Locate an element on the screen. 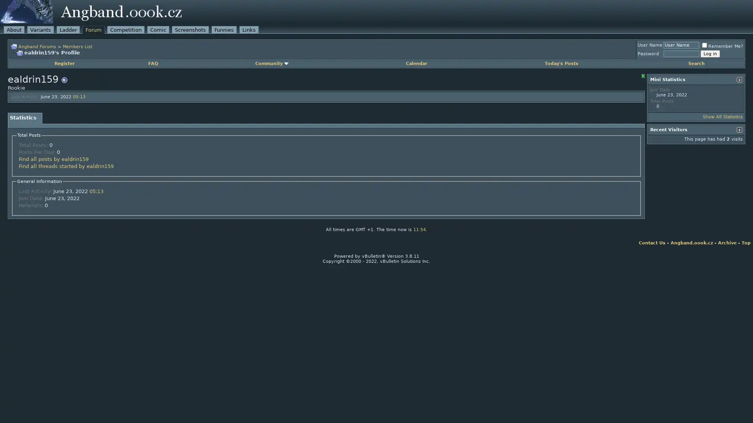  Log in is located at coordinates (710, 53).